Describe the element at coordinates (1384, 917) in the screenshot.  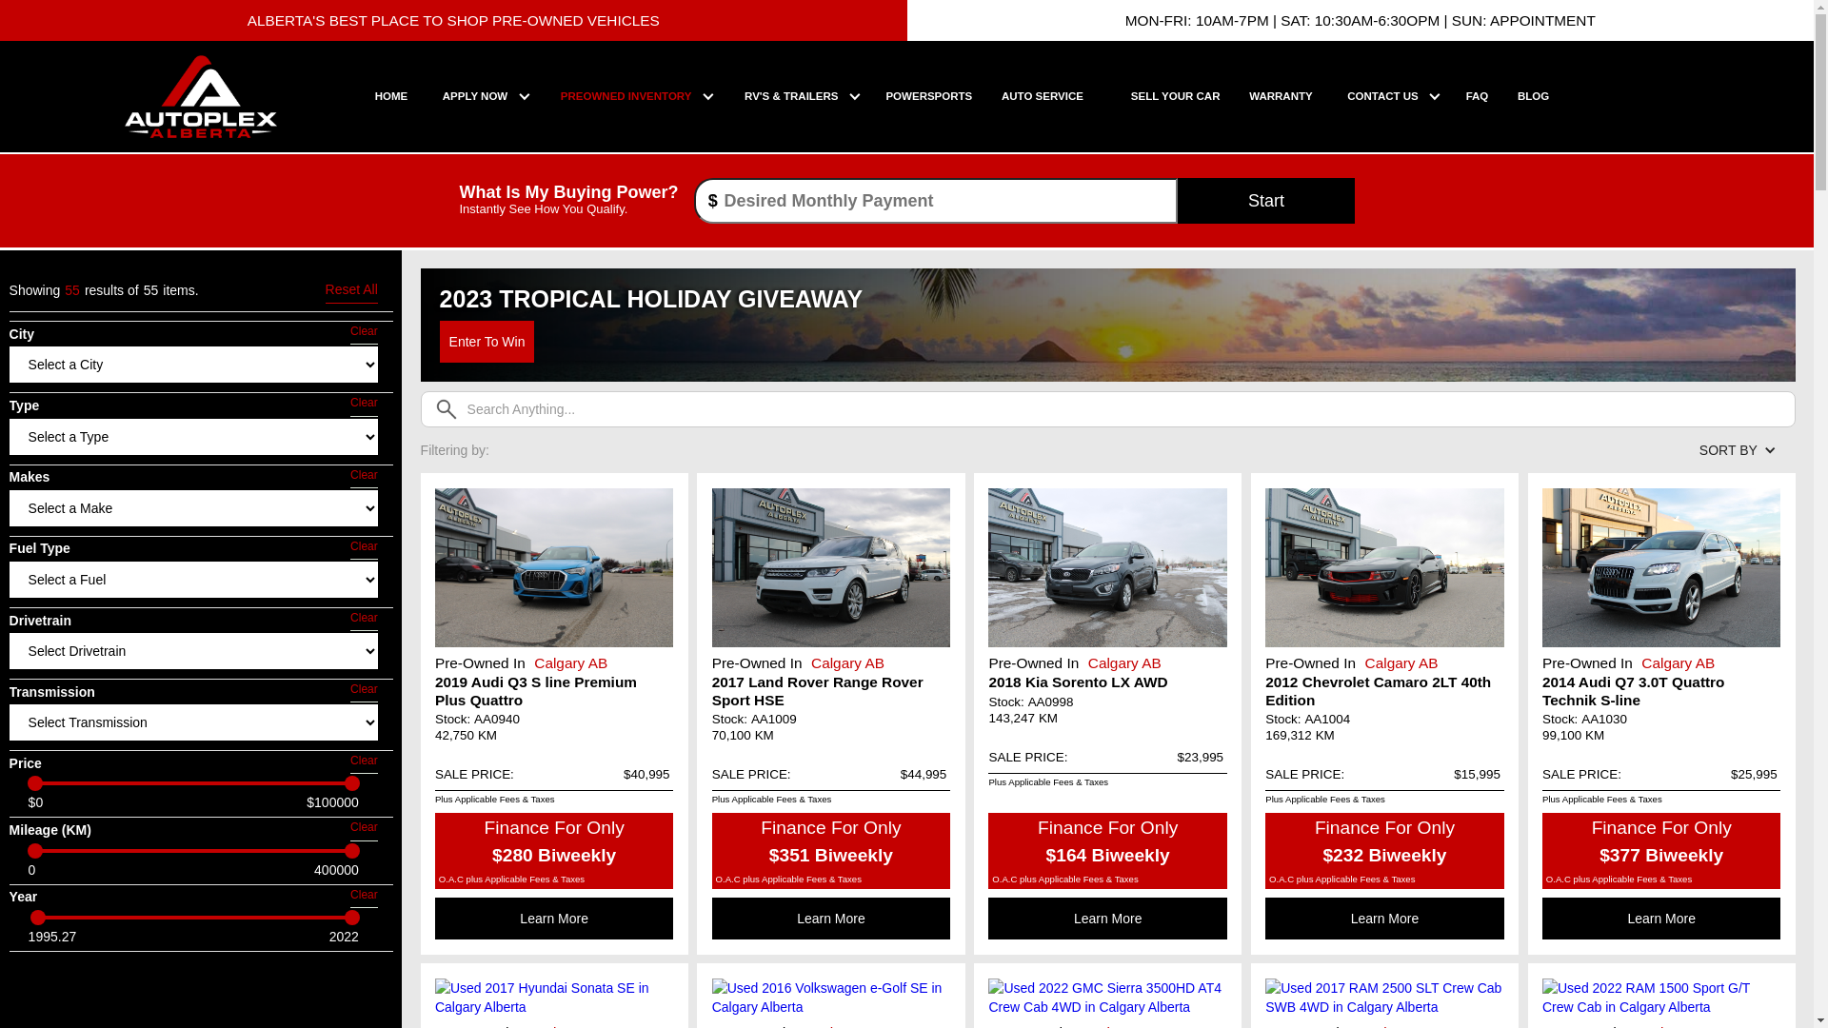
I see `'Learn More'` at that location.